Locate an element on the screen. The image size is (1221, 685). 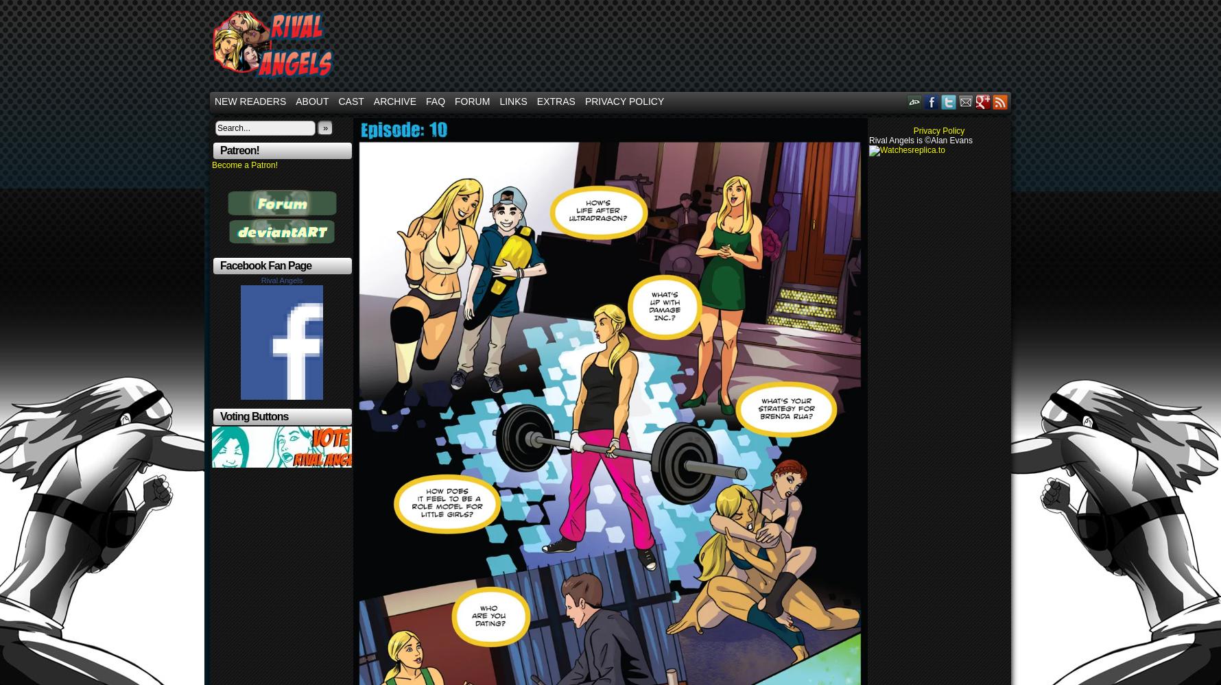
'Cast' is located at coordinates (351, 101).